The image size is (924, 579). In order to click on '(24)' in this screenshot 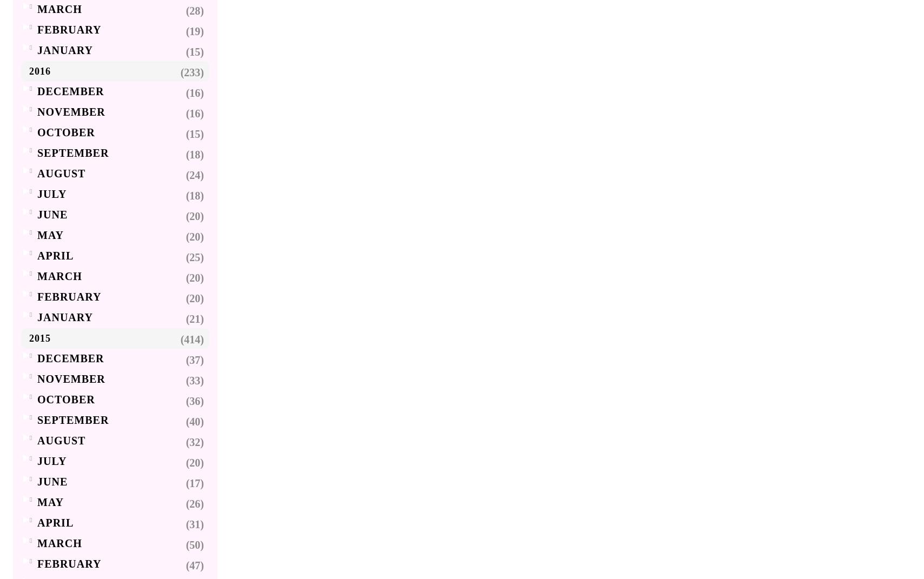, I will do `click(195, 174)`.